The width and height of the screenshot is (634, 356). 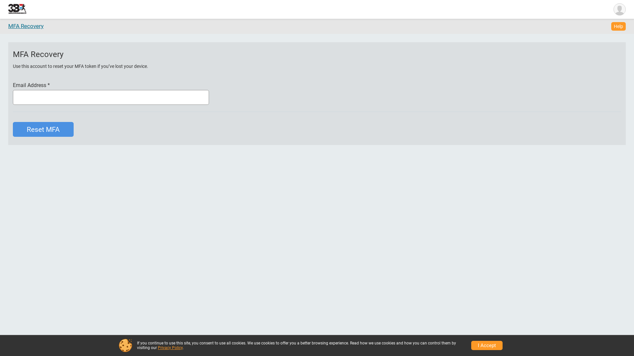 What do you see at coordinates (17, 9) in the screenshot?
I see `'Back to 3 Bros Running Company Home Page'` at bounding box center [17, 9].